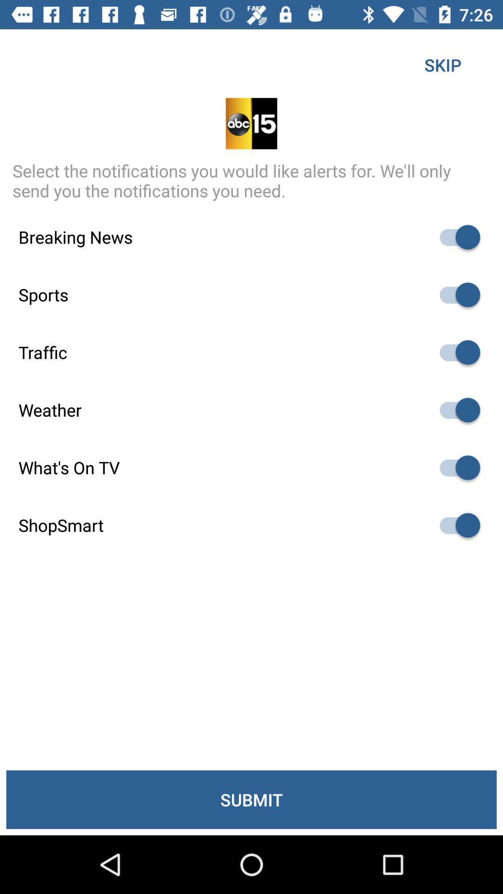  Describe the element at coordinates (455, 410) in the screenshot. I see `weather` at that location.